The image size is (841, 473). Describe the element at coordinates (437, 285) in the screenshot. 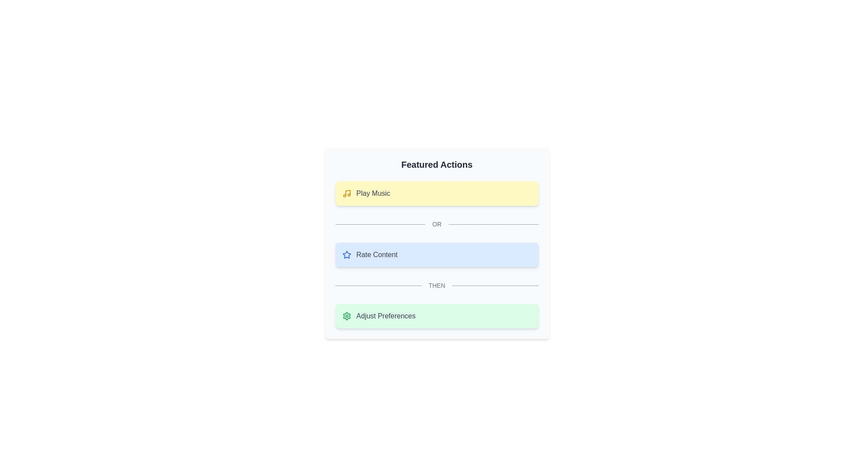

I see `the text separator containing the word 'THEN', which is a minimalistic styled element with gray color, located between 'Rate Content' and 'Adjust Preferences'` at that location.